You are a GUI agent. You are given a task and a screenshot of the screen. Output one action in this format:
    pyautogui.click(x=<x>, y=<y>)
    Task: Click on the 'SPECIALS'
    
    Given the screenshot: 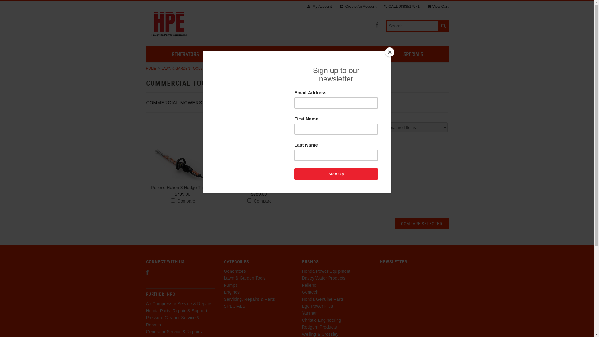 What is the action you would take?
    pyautogui.click(x=234, y=305)
    